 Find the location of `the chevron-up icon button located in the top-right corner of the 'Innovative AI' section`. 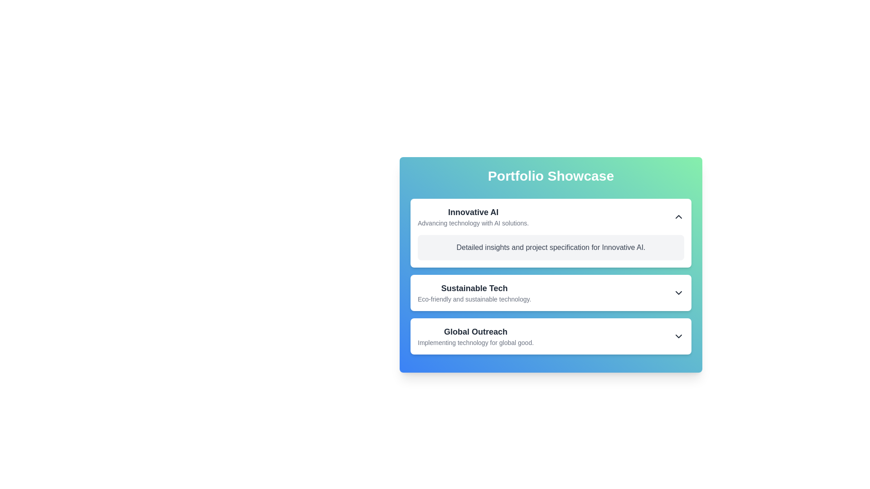

the chevron-up icon button located in the top-right corner of the 'Innovative AI' section is located at coordinates (678, 216).